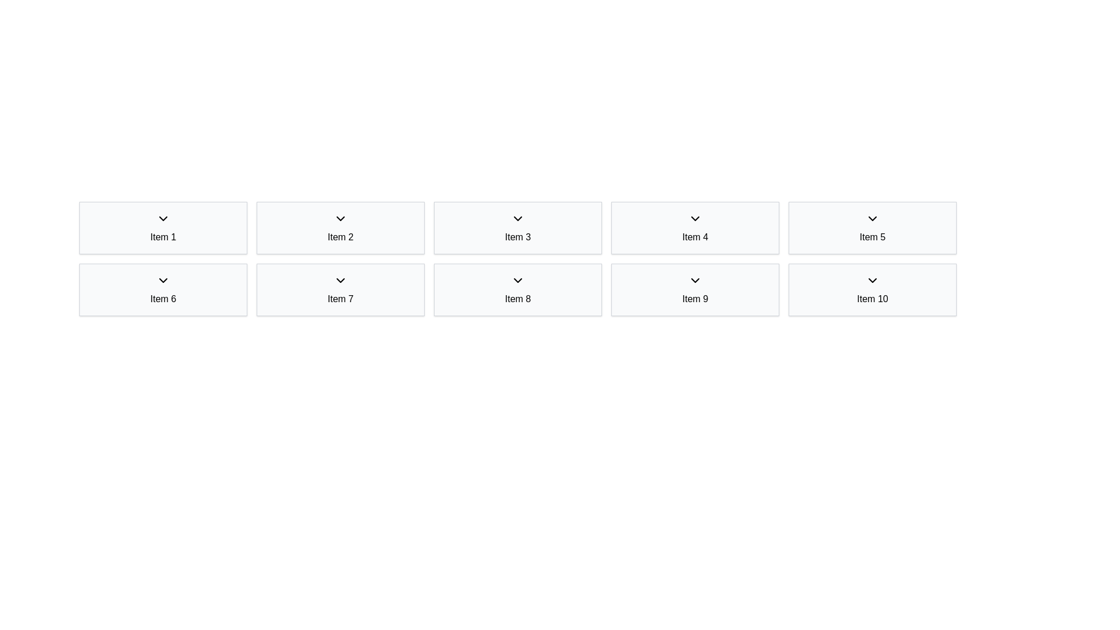 The image size is (1120, 630). I want to click on the downward-pointing arrow icon located at the top of the 'Item 9' card, so click(695, 281).